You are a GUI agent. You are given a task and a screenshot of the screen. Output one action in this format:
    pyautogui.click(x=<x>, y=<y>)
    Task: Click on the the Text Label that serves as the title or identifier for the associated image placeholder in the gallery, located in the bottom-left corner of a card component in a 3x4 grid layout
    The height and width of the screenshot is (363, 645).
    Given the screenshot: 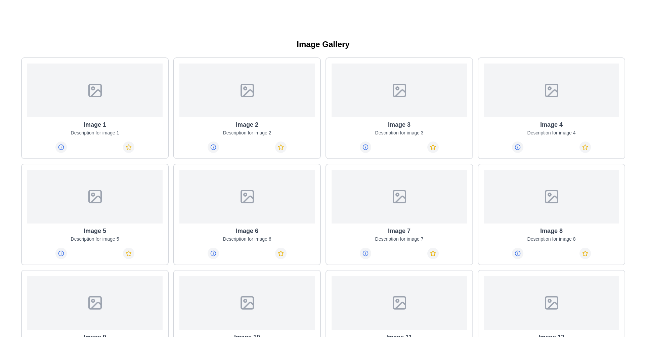 What is the action you would take?
    pyautogui.click(x=94, y=337)
    